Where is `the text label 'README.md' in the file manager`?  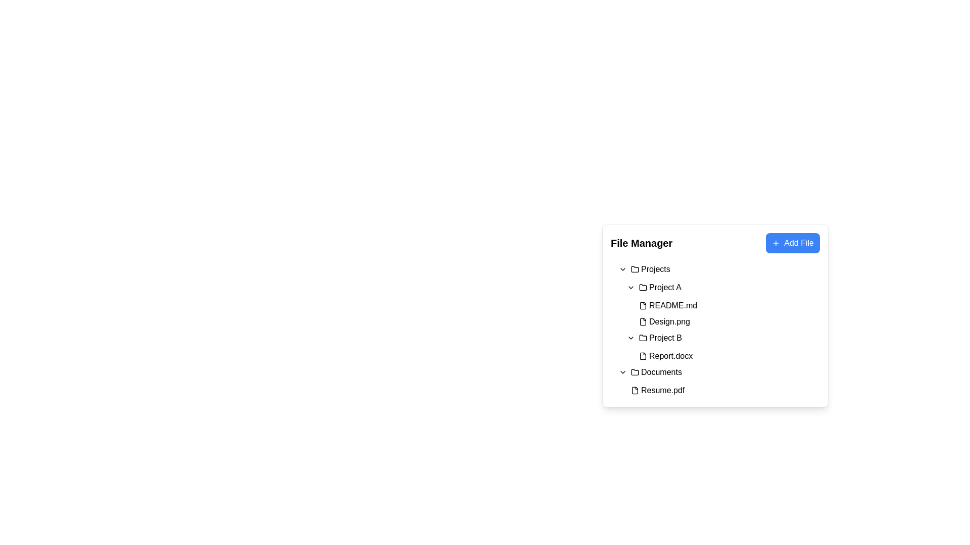 the text label 'README.md' in the file manager is located at coordinates (673, 305).